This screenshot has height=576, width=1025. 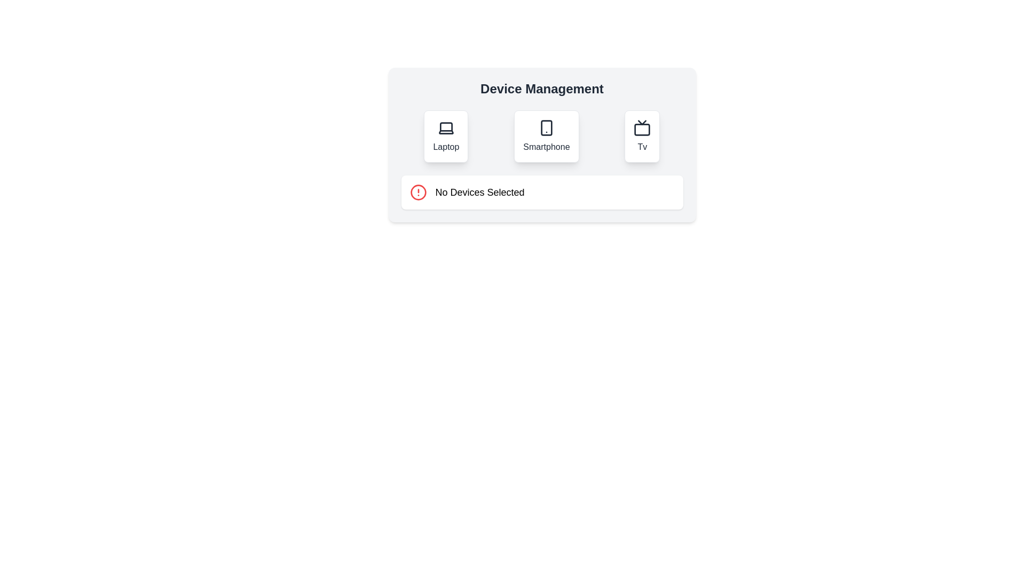 What do you see at coordinates (446, 127) in the screenshot?
I see `the laptop icon, the leftmost graphic representation of a laptop device` at bounding box center [446, 127].